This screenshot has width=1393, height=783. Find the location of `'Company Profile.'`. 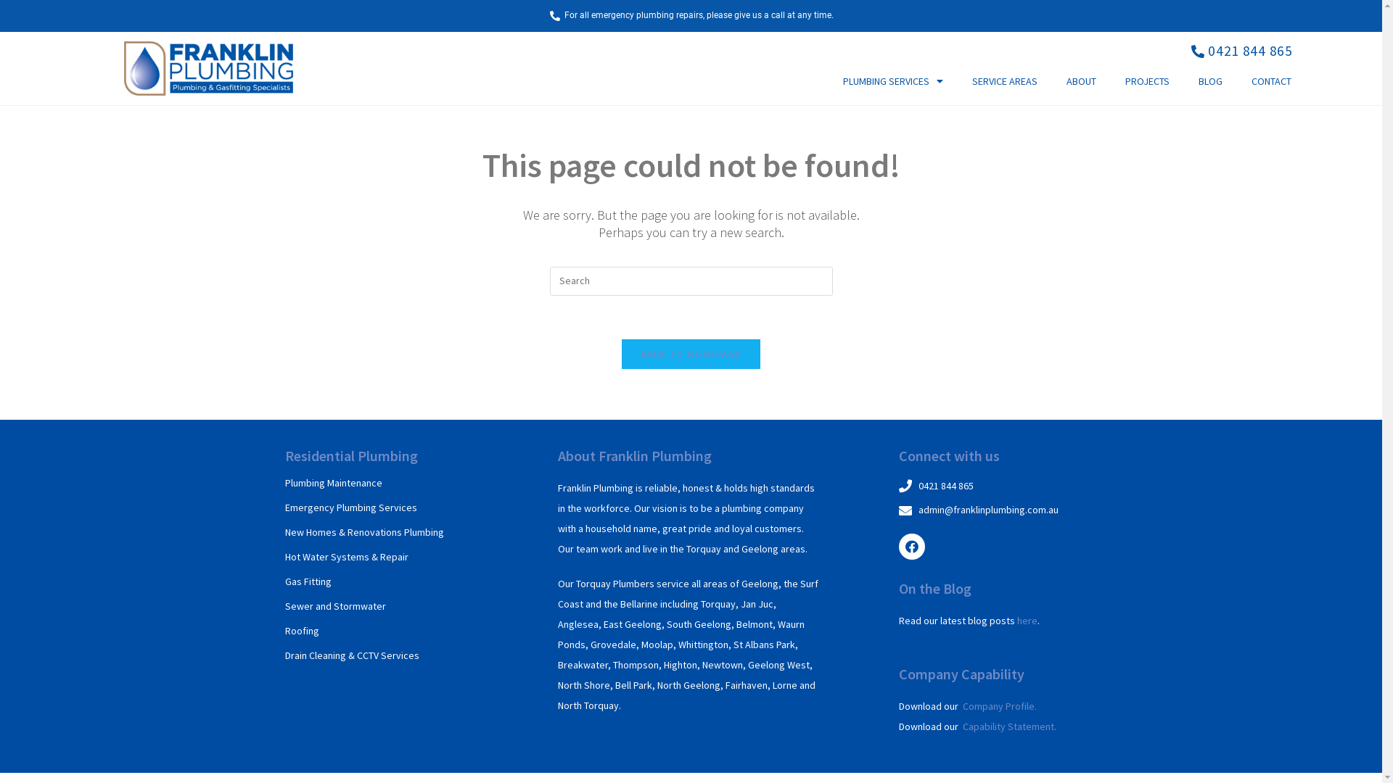

'Company Profile.' is located at coordinates (962, 705).